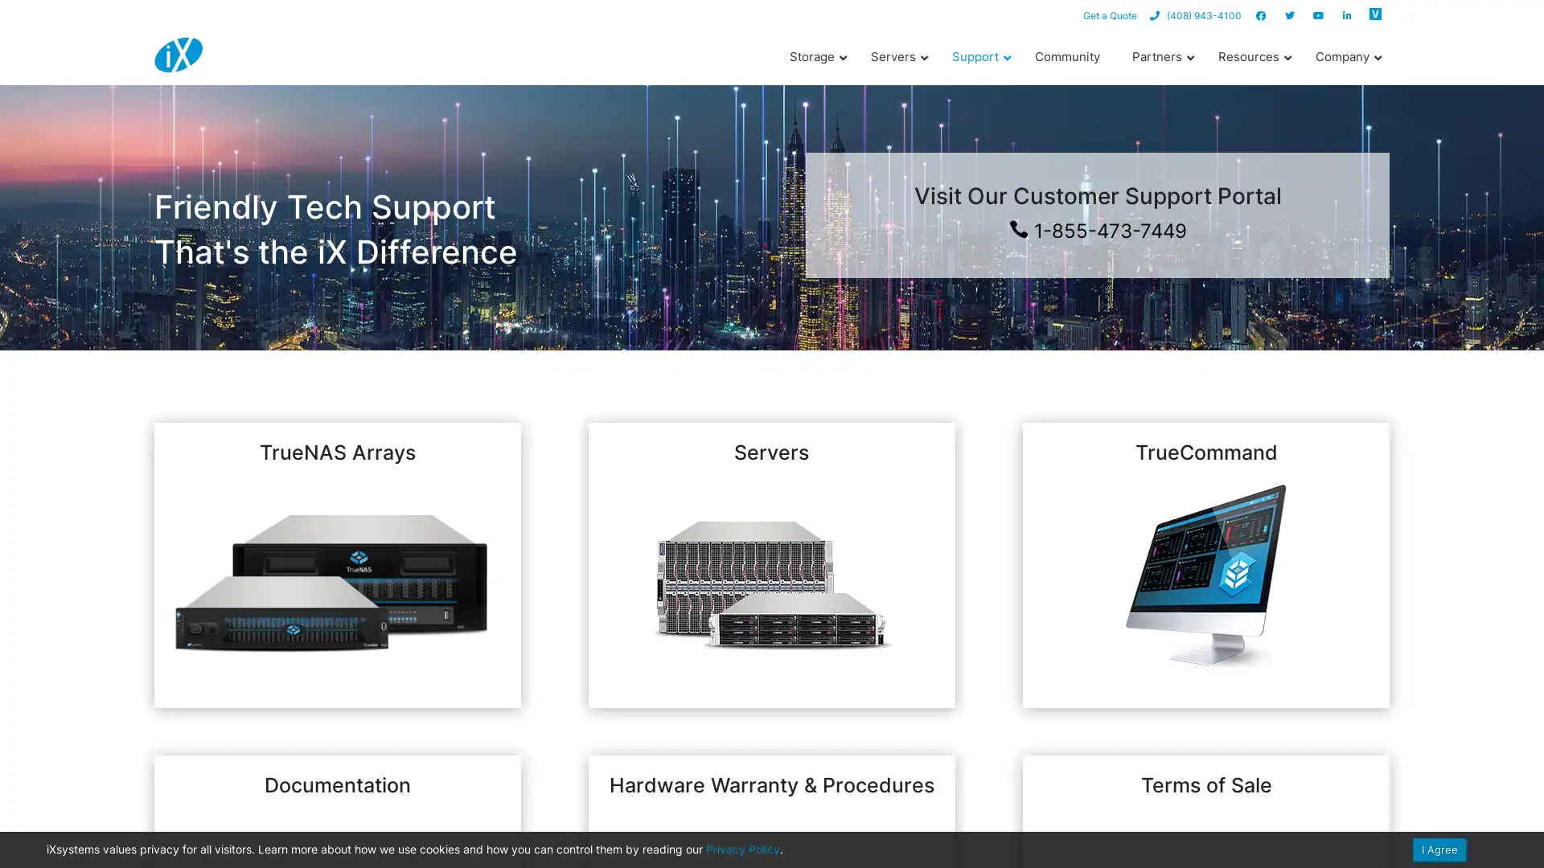 This screenshot has height=868, width=1544. Describe the element at coordinates (1439, 849) in the screenshot. I see `I Agree` at that location.